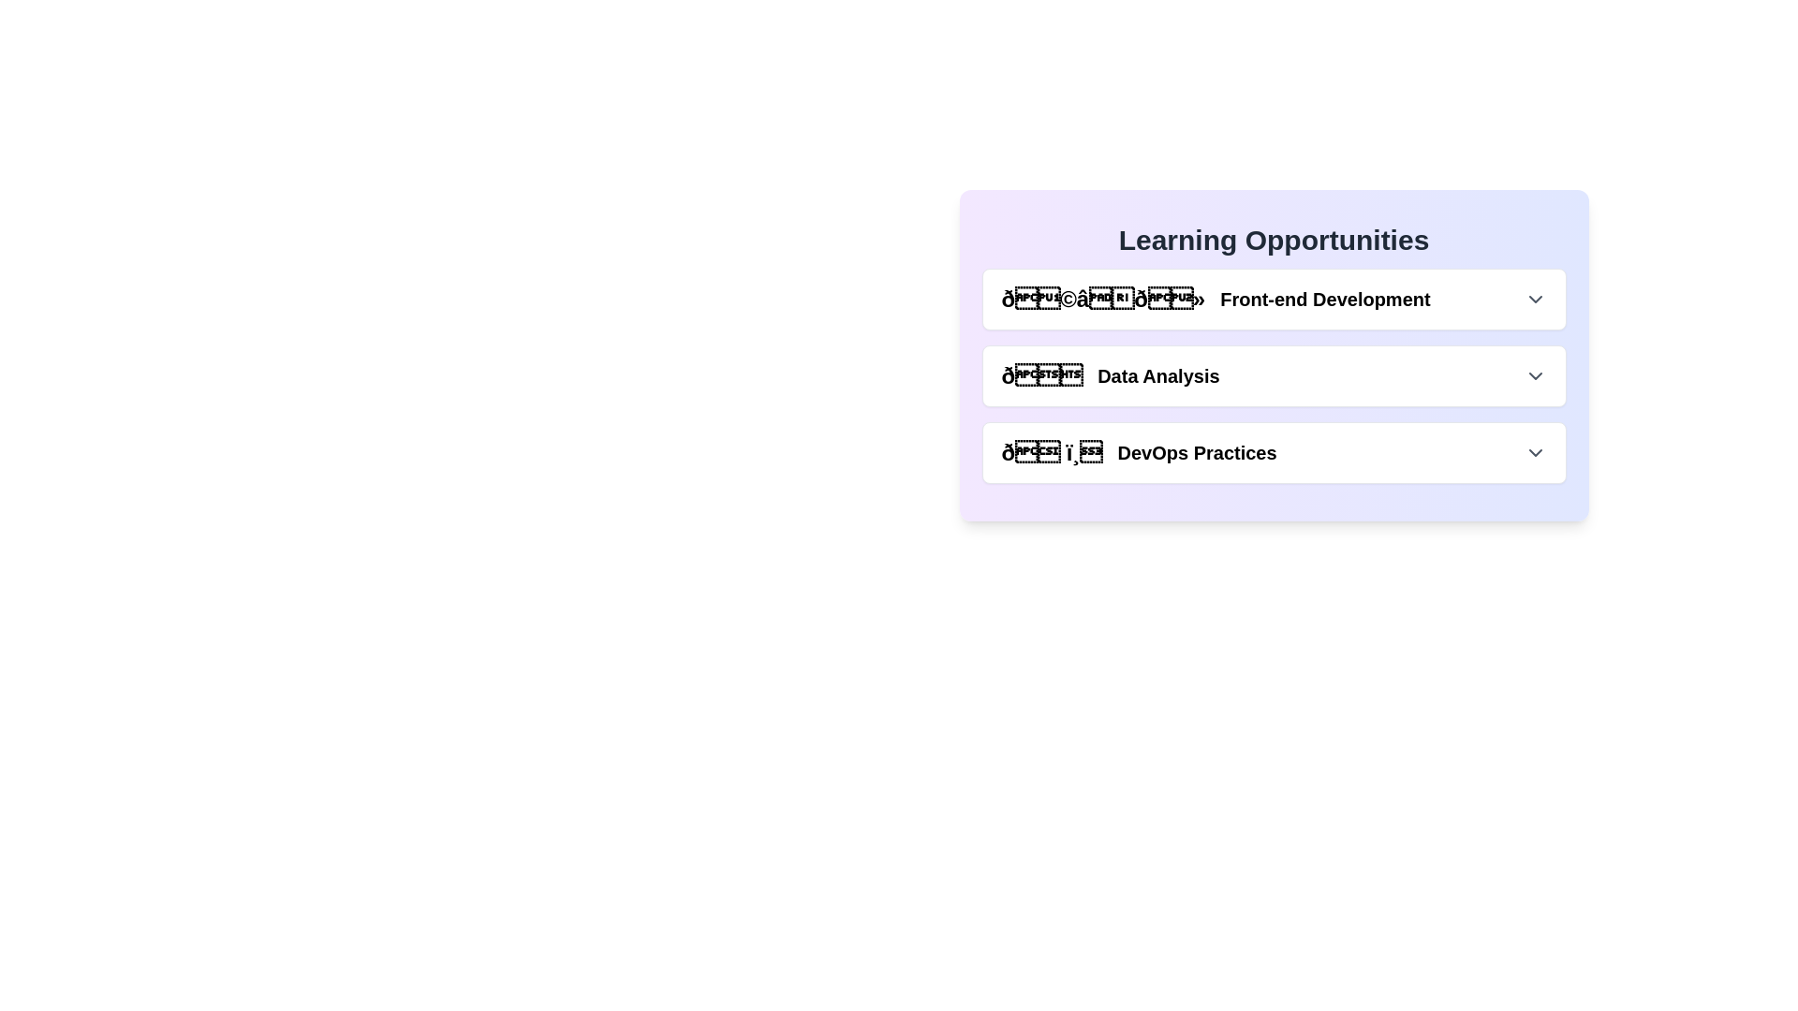 The width and height of the screenshot is (1798, 1011). I want to click on the button labeled 'DevOps Practices' with a white background and rounded corners, so click(1274, 452).